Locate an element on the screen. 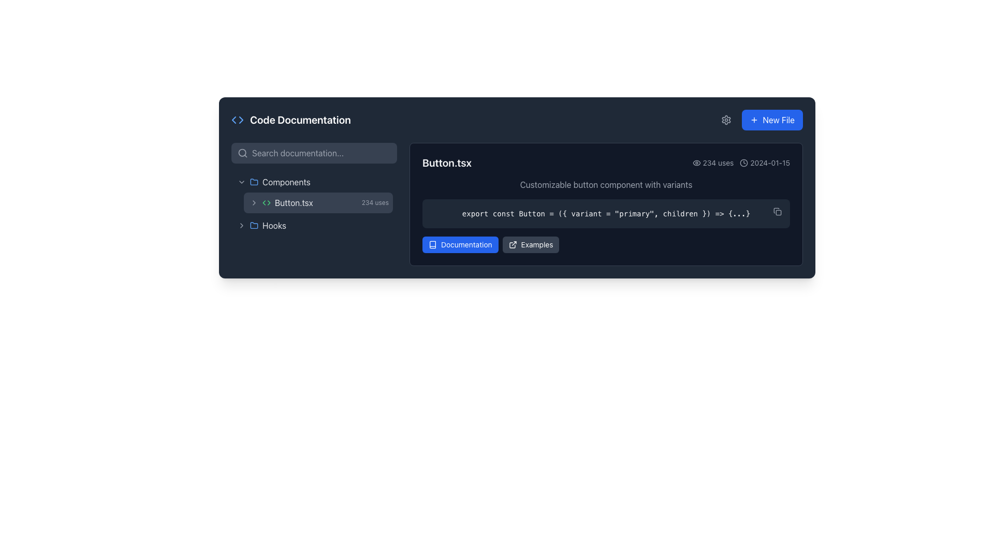 This screenshot has width=994, height=559. the left-pointing chevron icon in the navigation section is located at coordinates (233, 119).